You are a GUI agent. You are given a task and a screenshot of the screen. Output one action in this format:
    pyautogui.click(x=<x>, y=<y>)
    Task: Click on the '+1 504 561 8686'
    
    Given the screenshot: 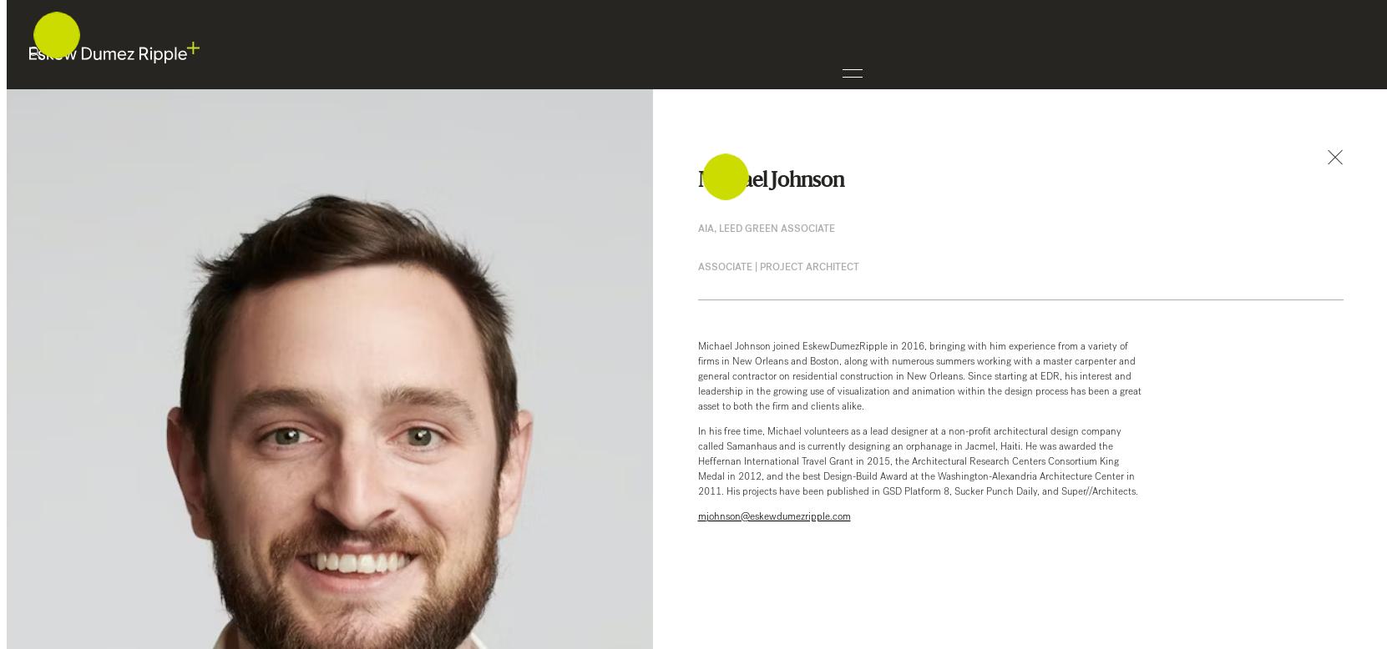 What is the action you would take?
    pyautogui.click(x=67, y=567)
    